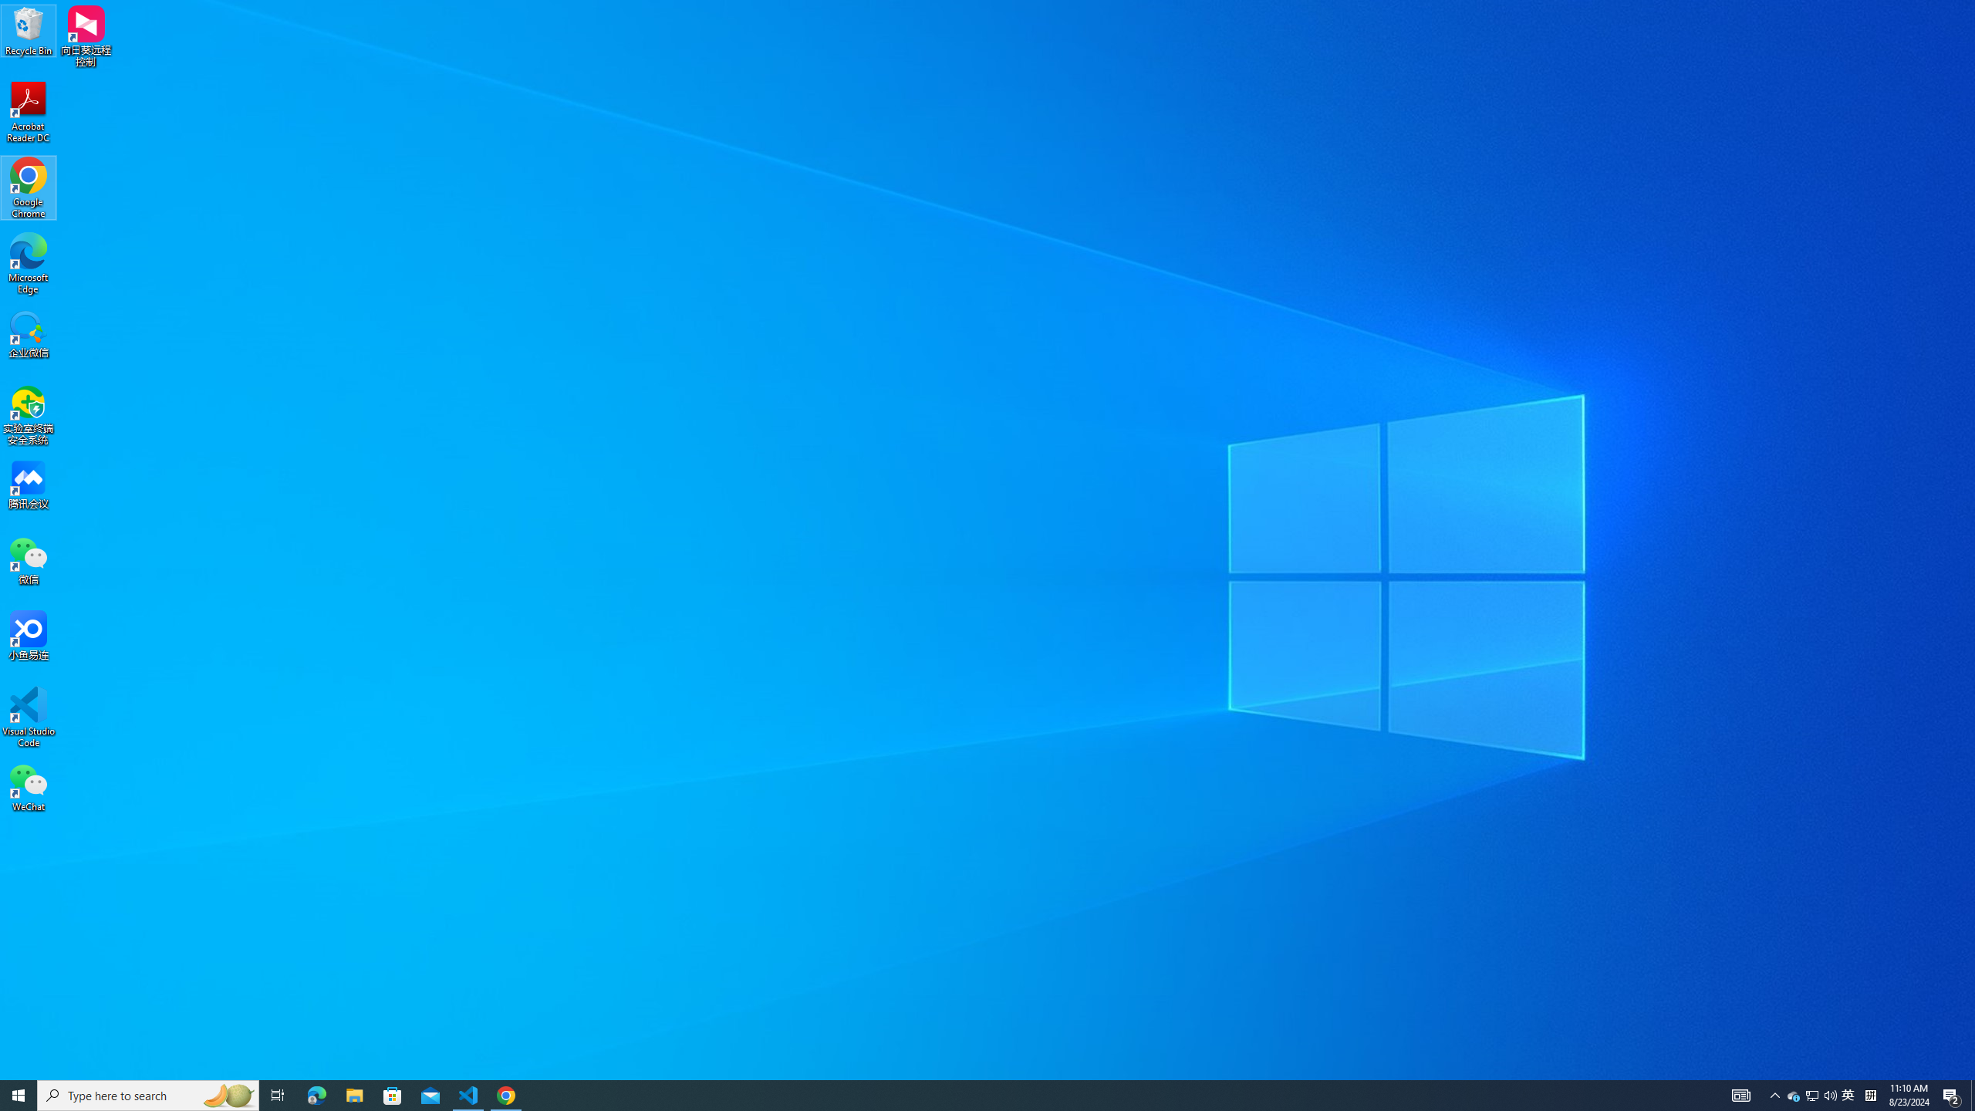  Describe the element at coordinates (28, 716) in the screenshot. I see `'Visual Studio Code'` at that location.